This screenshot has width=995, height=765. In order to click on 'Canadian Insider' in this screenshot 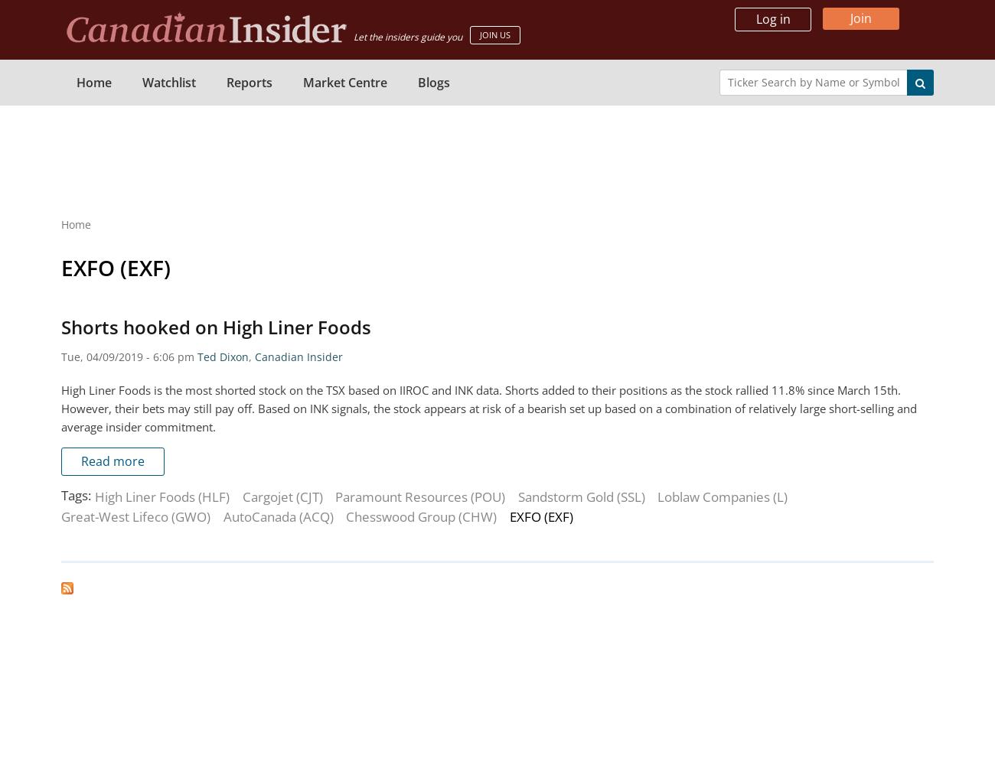, I will do `click(298, 356)`.